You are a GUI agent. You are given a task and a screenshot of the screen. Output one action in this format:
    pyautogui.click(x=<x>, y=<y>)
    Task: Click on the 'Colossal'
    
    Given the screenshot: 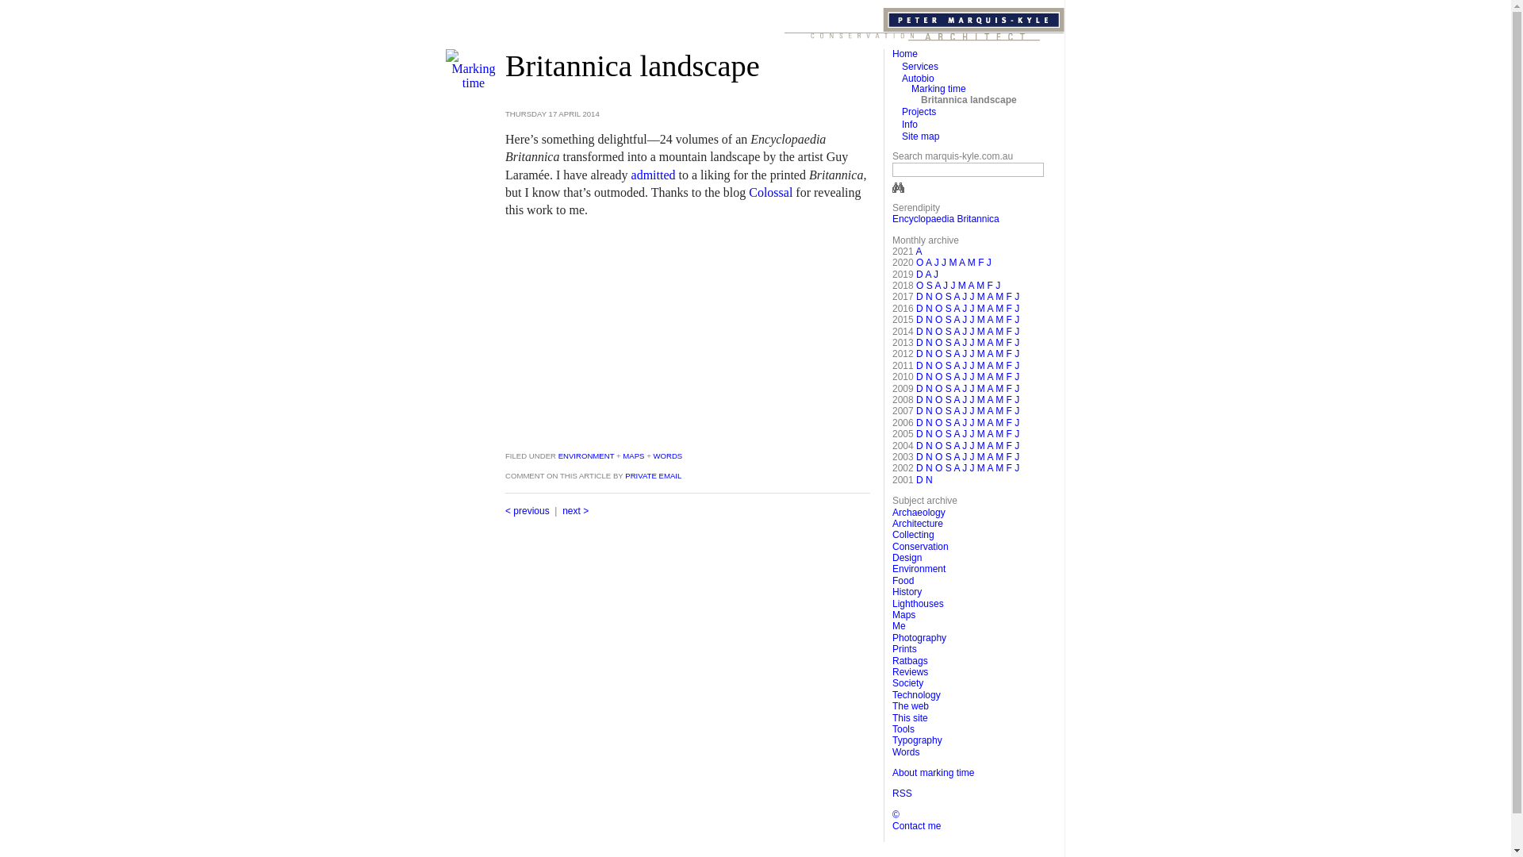 What is the action you would take?
    pyautogui.click(x=770, y=191)
    